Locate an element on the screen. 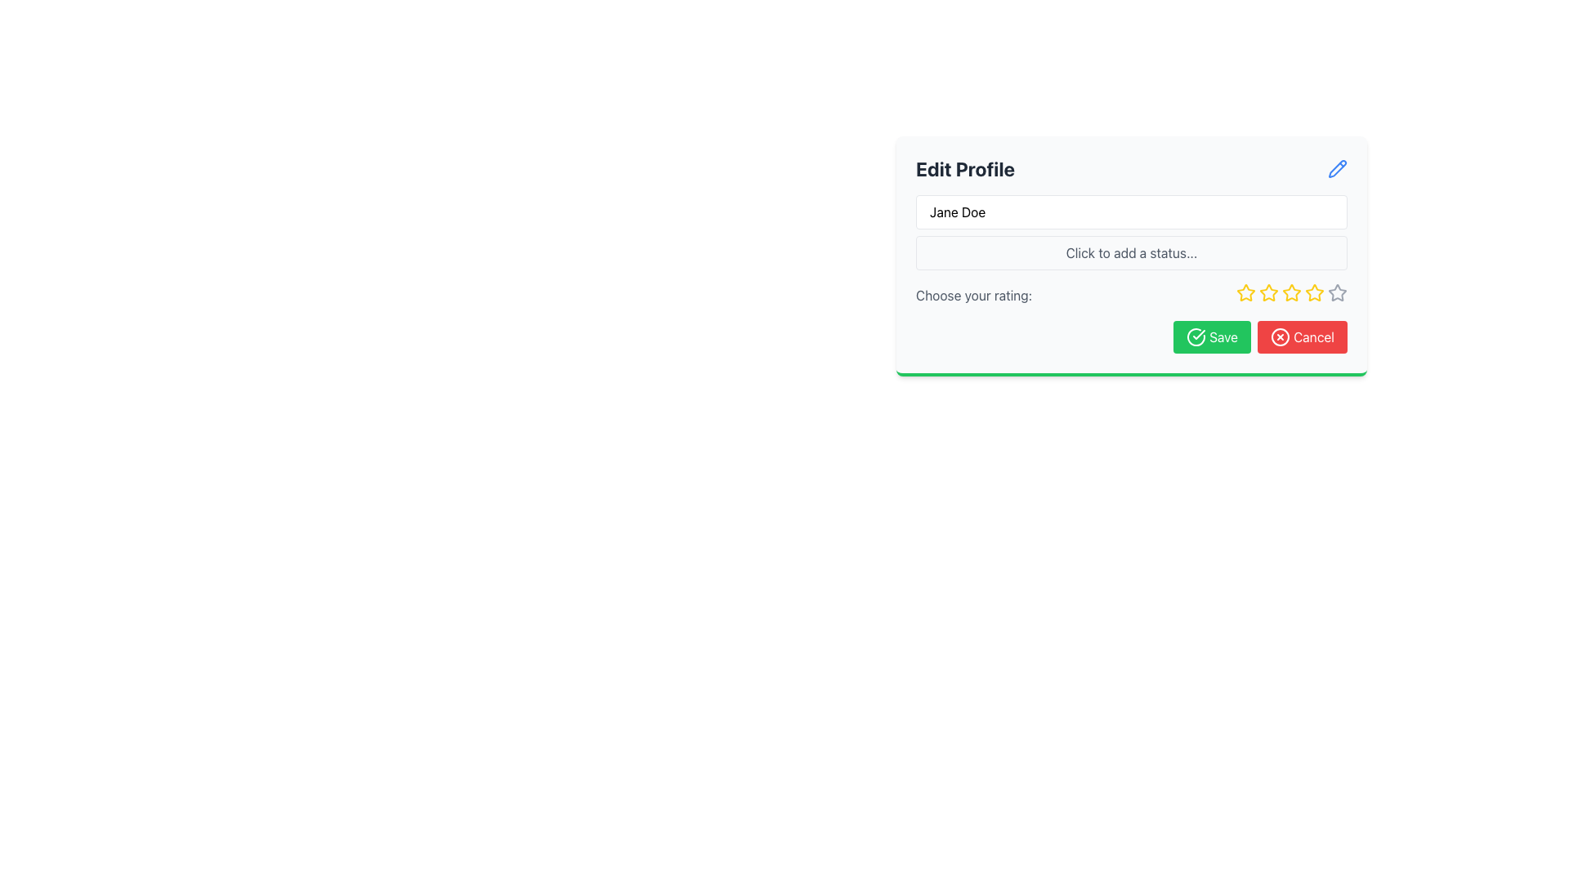 The height and width of the screenshot is (882, 1569). the fifth star icon from the right in the row of star rating icons is located at coordinates (1337, 292).